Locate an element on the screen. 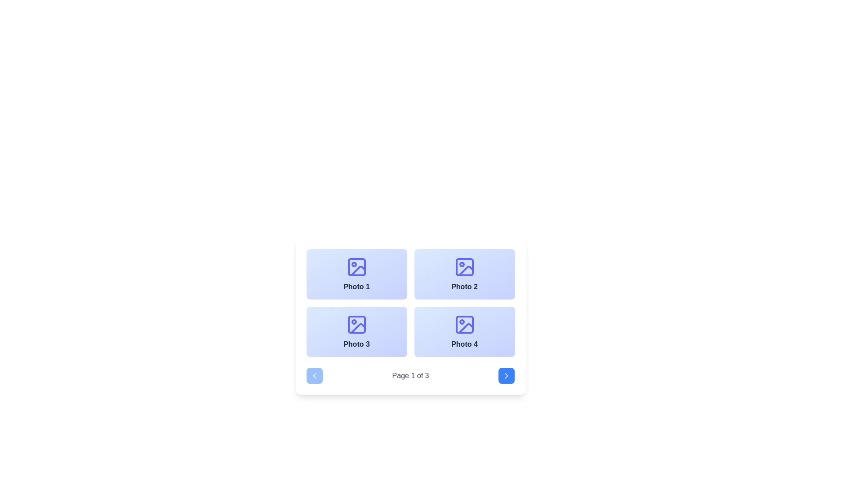 The height and width of the screenshot is (485, 863). the blue image icon featuring a sun and mountain design located in the 'Photo 3' cell of the grid by clicking on it is located at coordinates (356, 324).